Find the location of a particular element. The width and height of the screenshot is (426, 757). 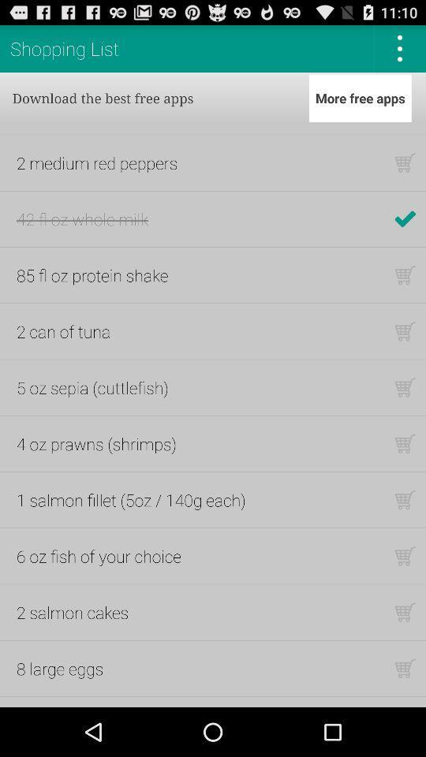

item above the 2 salmon cakes item is located at coordinates (99, 556).